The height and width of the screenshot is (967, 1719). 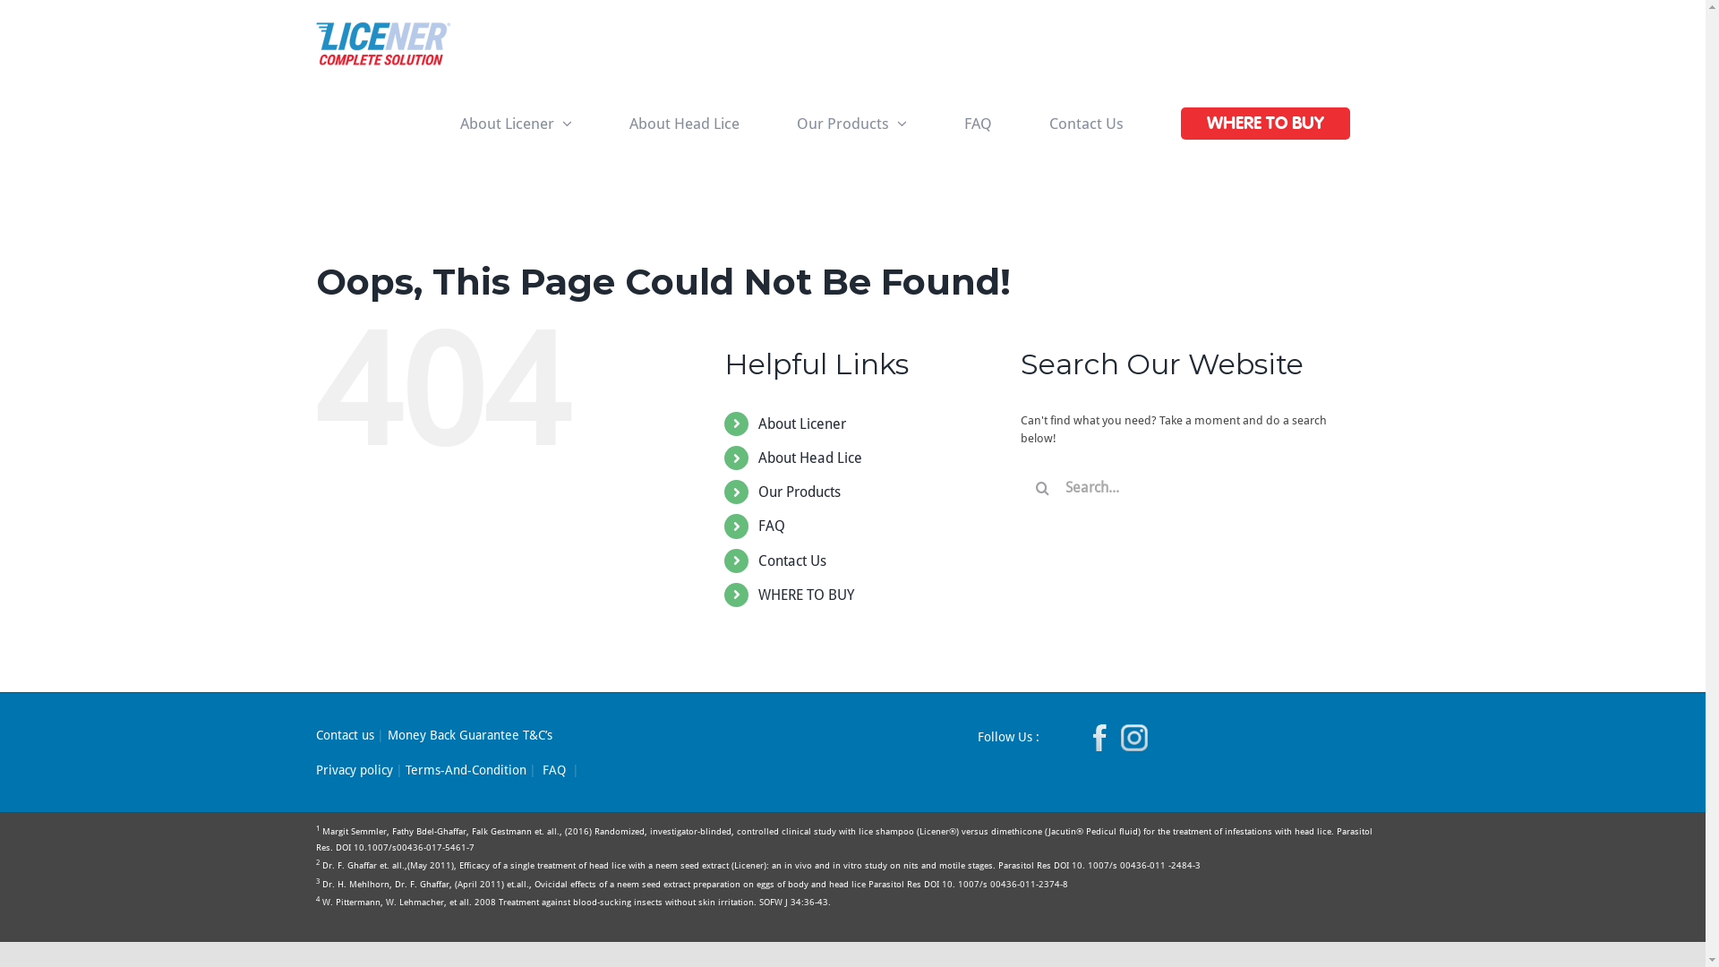 I want to click on 'Contact us', so click(x=344, y=735).